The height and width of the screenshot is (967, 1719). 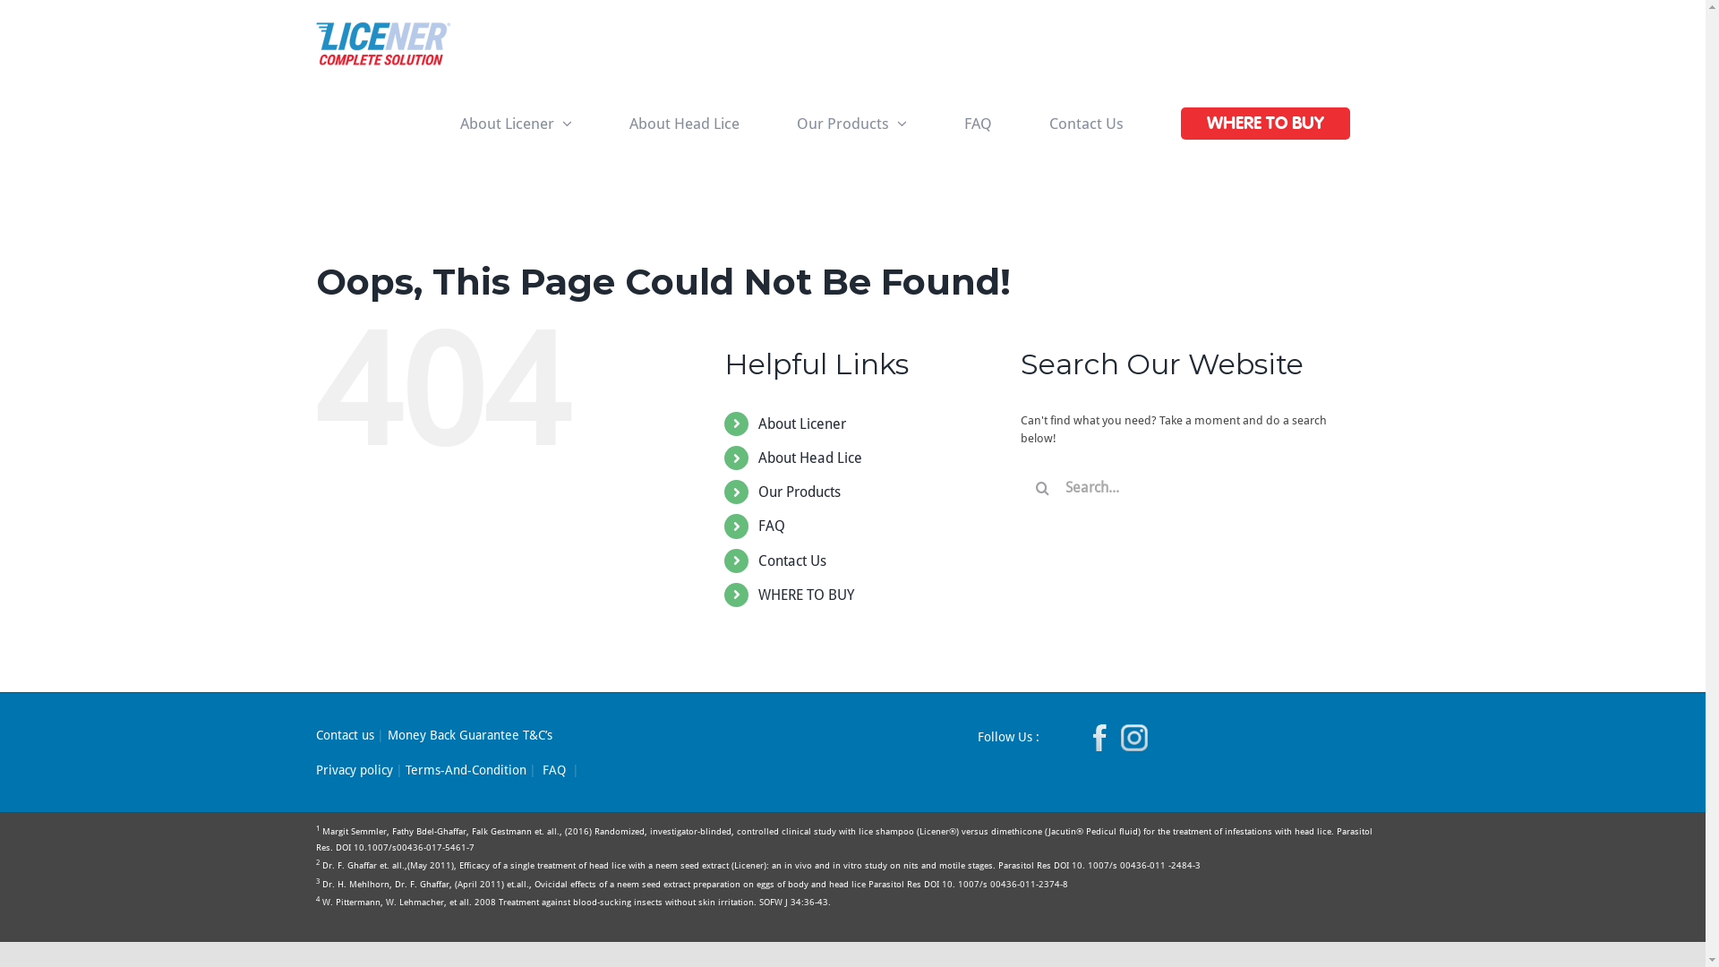 I want to click on 'Contact us', so click(x=344, y=735).